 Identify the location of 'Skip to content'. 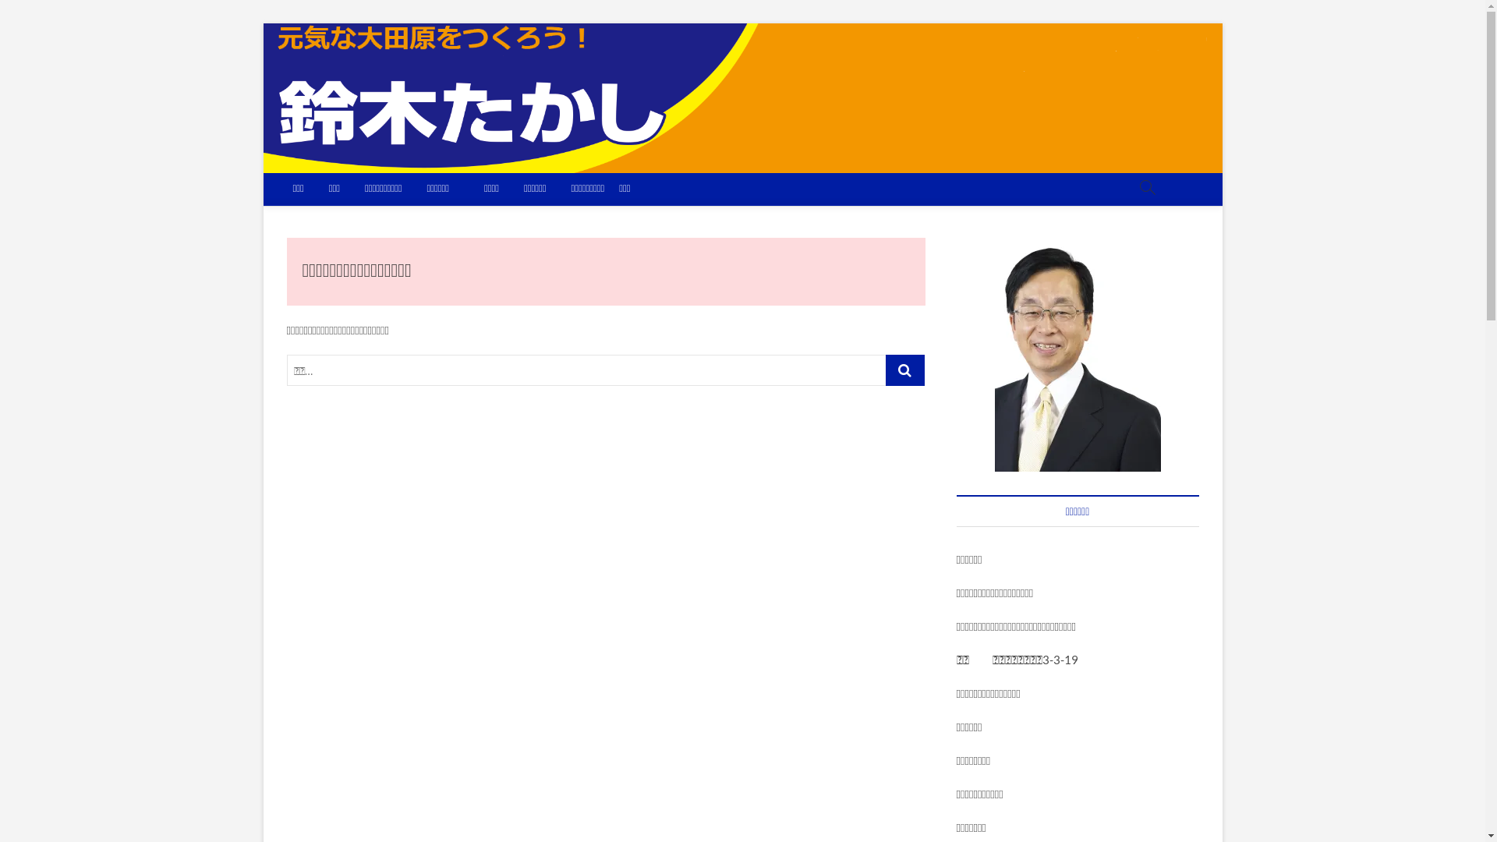
(262, 23).